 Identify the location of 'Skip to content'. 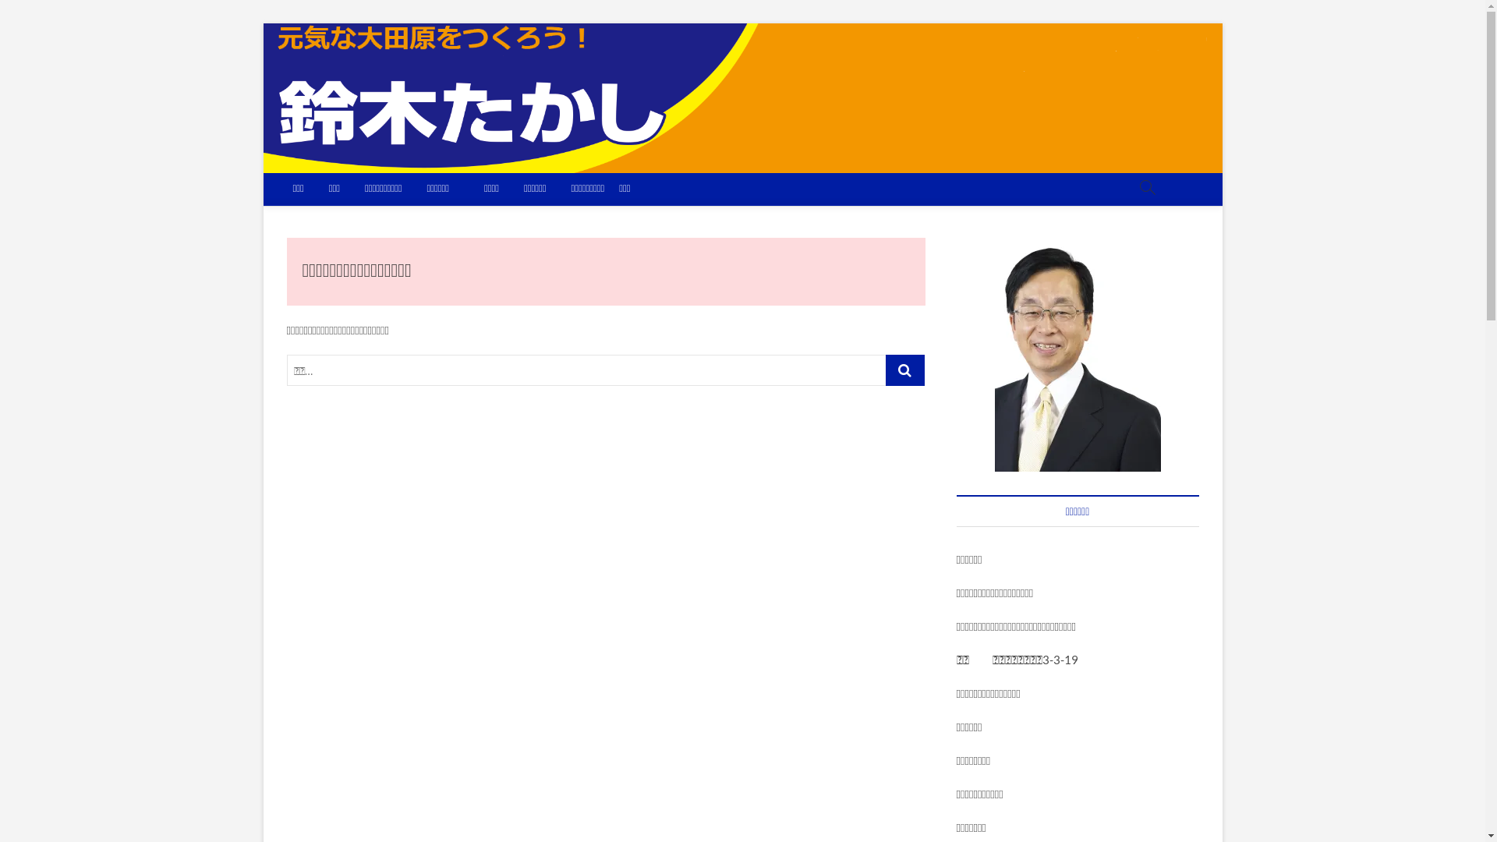
(262, 23).